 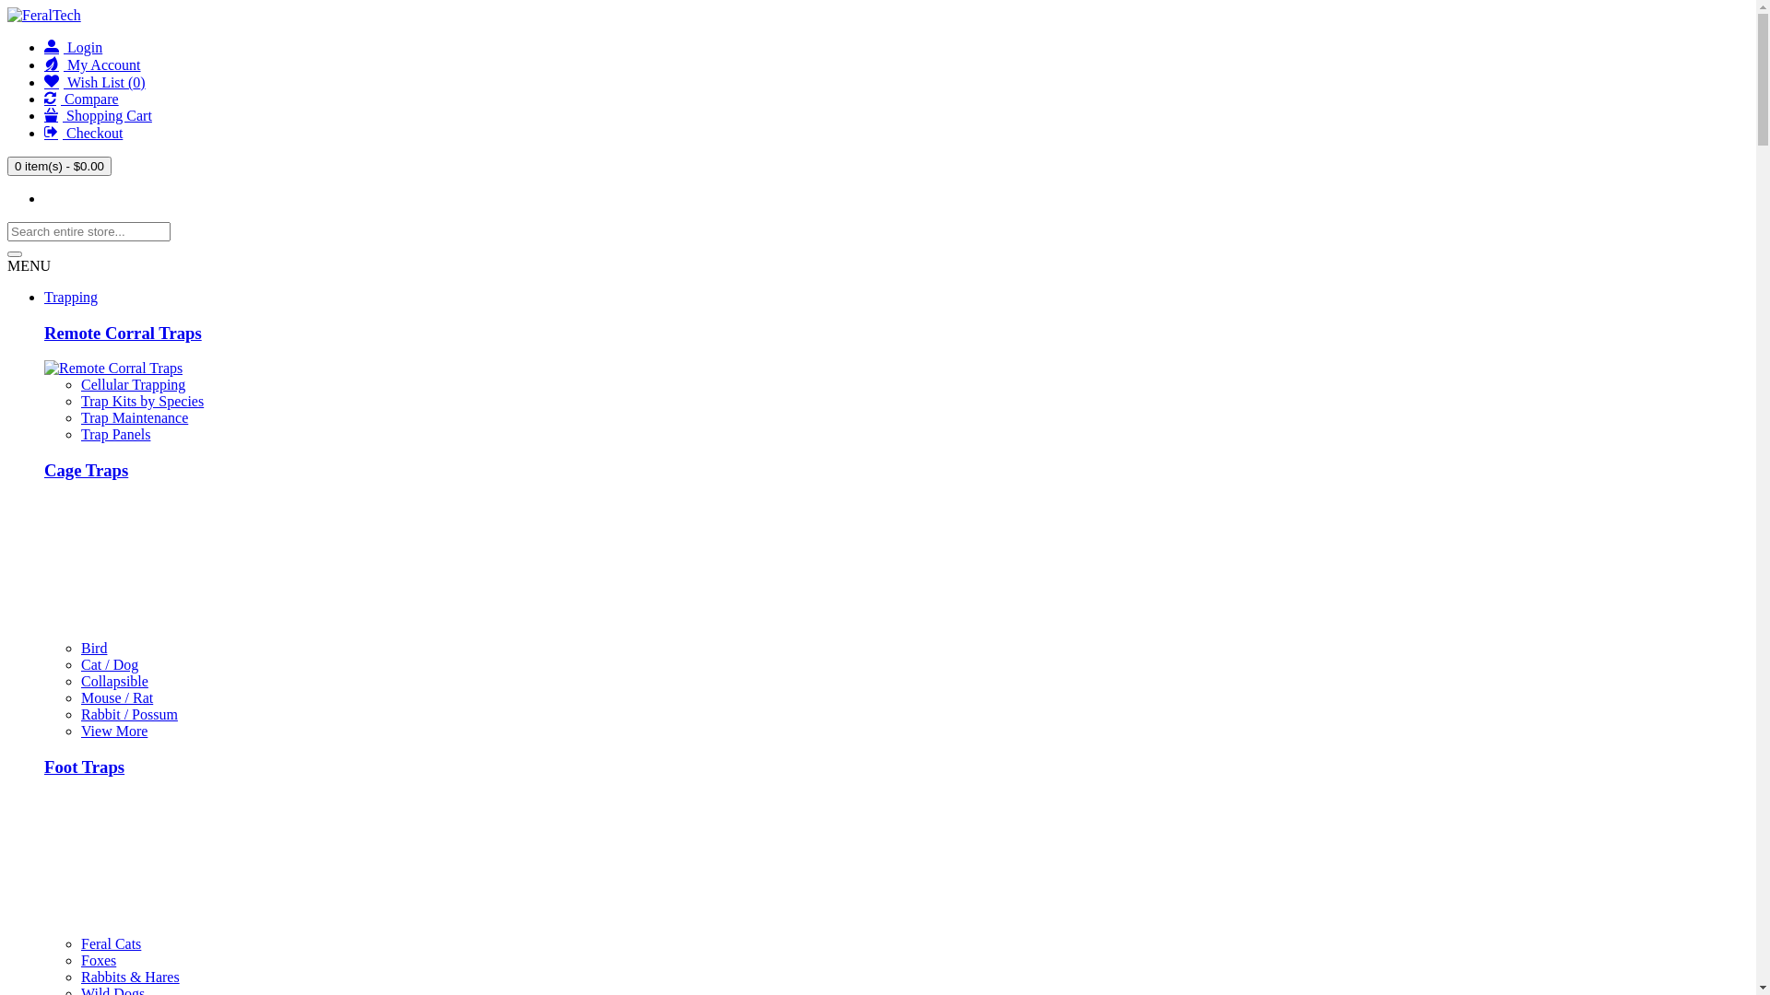 What do you see at coordinates (73, 46) in the screenshot?
I see `'Login'` at bounding box center [73, 46].